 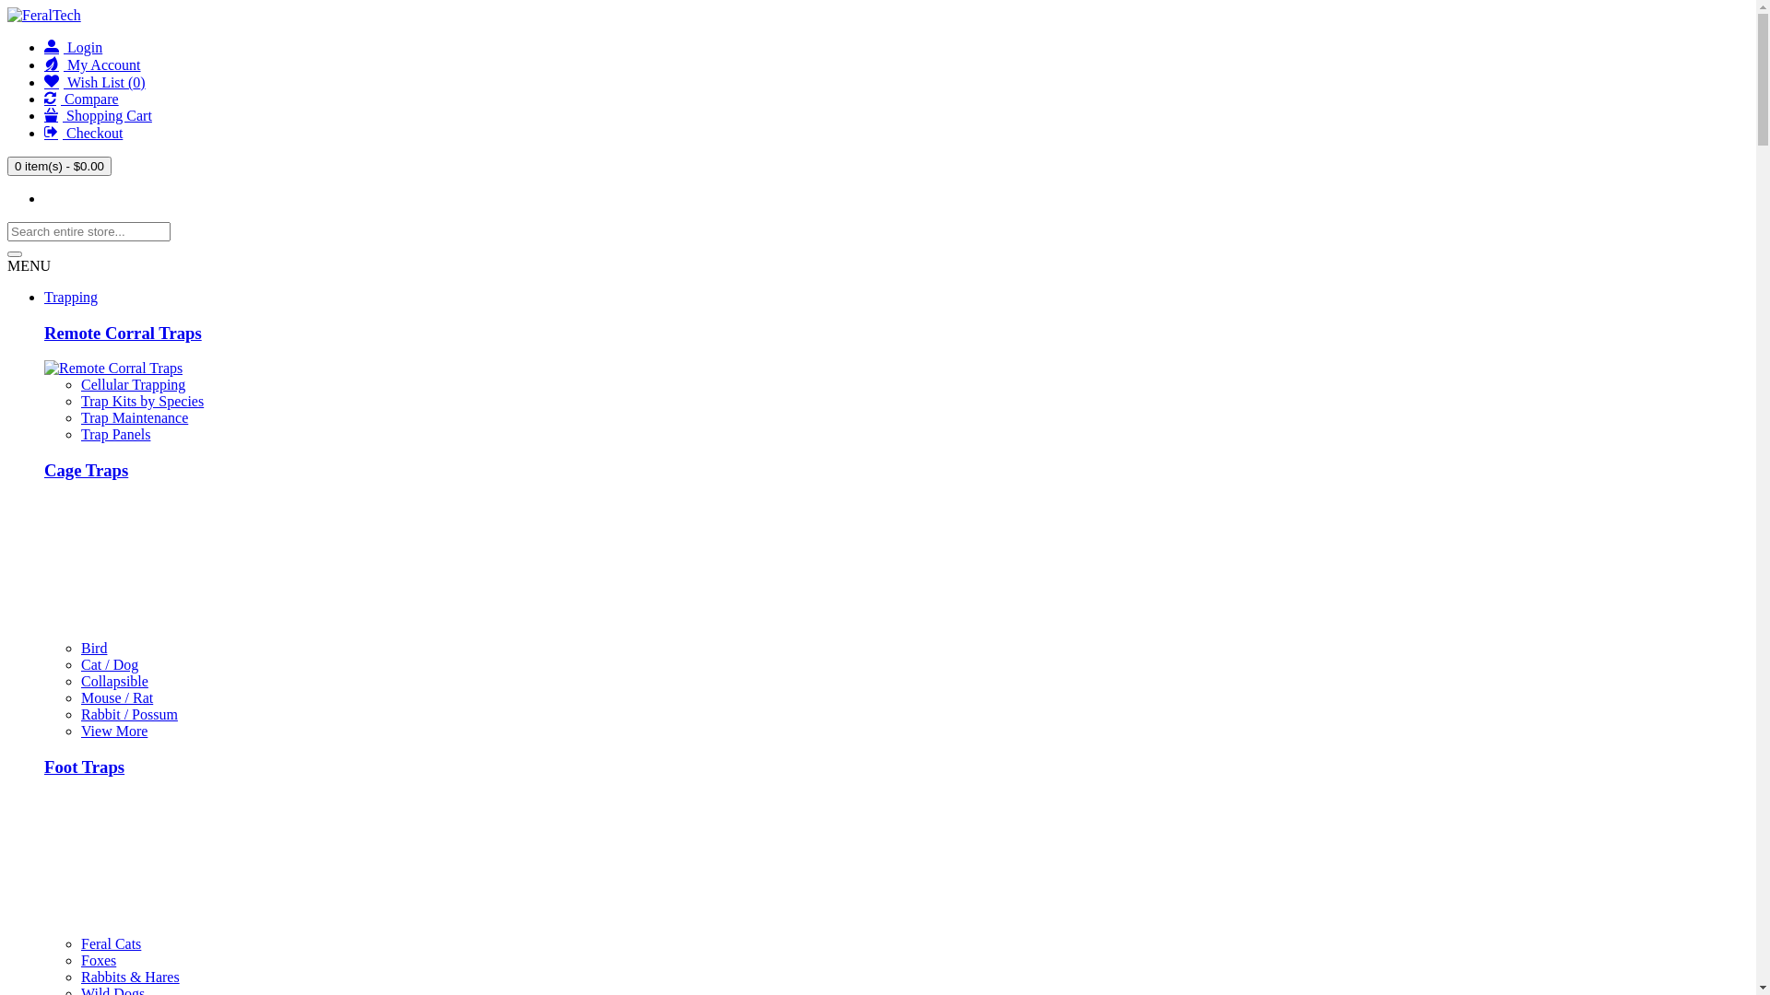 What do you see at coordinates (73, 46) in the screenshot?
I see `'Login'` at bounding box center [73, 46].